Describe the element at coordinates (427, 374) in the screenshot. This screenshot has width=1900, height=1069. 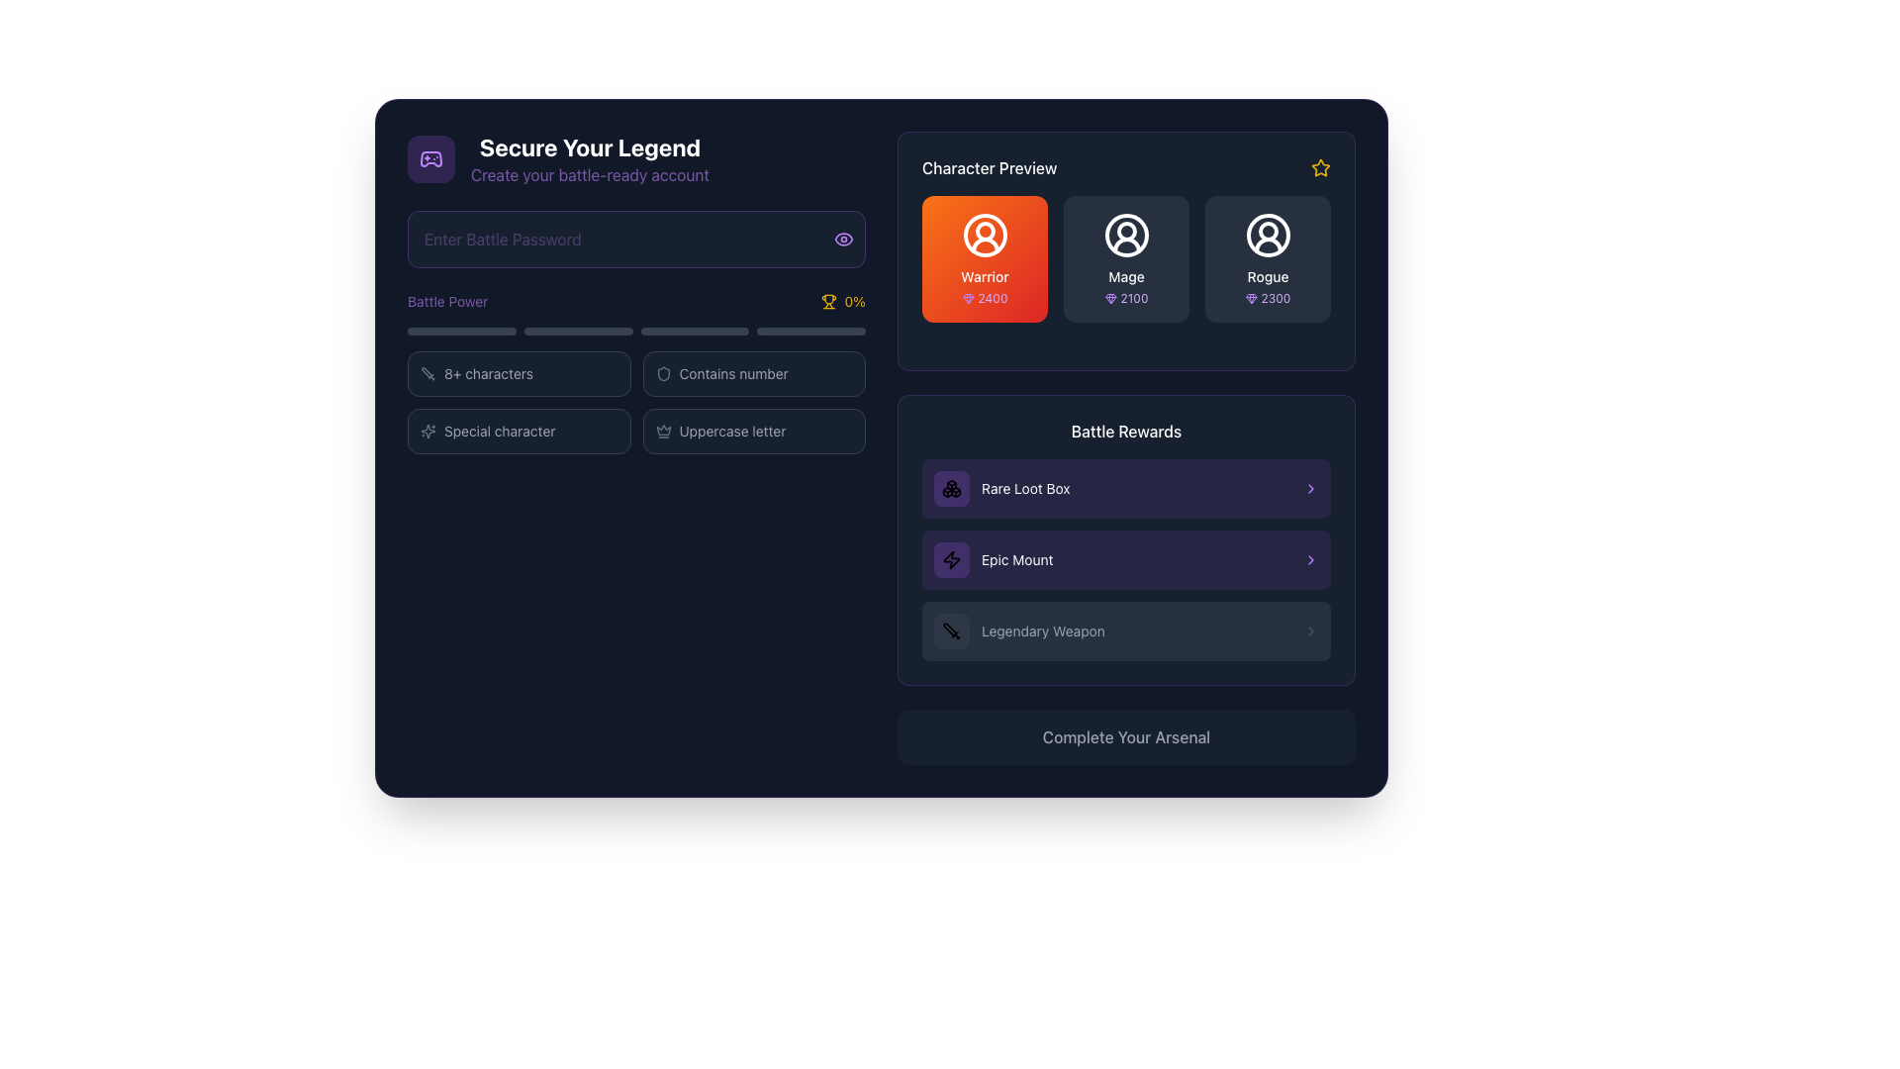
I see `the decorative icon positioned to the left of the text '8+ characters', which indicates a feature or requirement related to the text` at that location.